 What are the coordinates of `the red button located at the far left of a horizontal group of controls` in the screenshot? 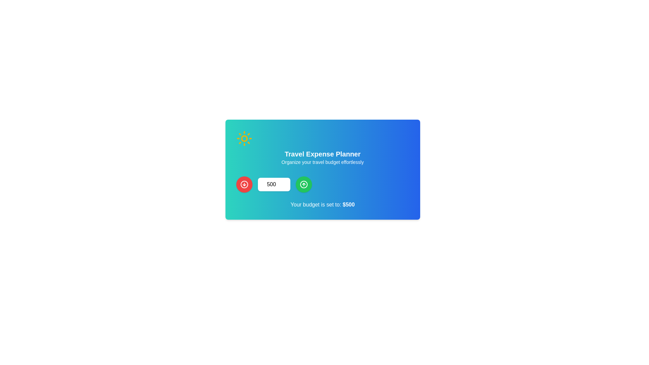 It's located at (244, 185).